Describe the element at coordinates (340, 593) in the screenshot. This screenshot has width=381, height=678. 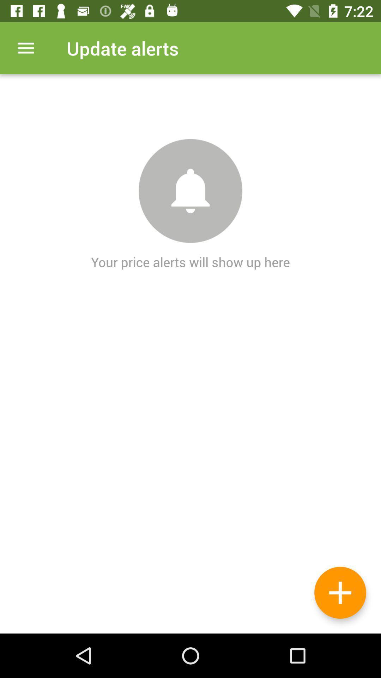
I see `the add icon` at that location.